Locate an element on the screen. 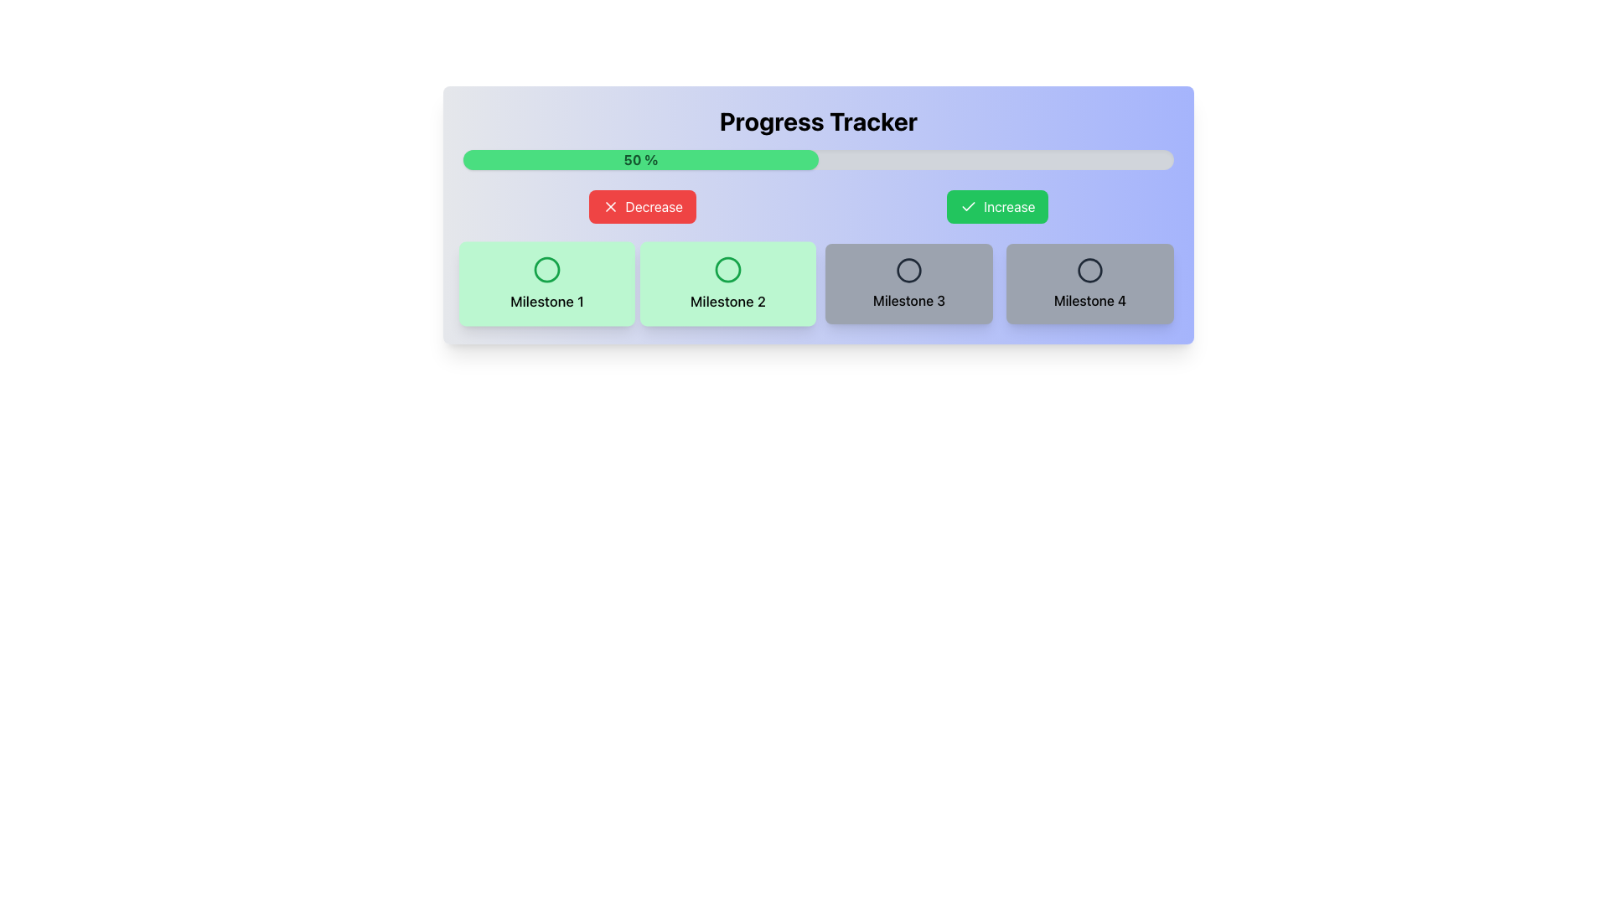 This screenshot has height=905, width=1609. the state of the circular progress indicator in the Milestone 2 card, which is the second milestone from the left in the bottom row is located at coordinates (727, 268).